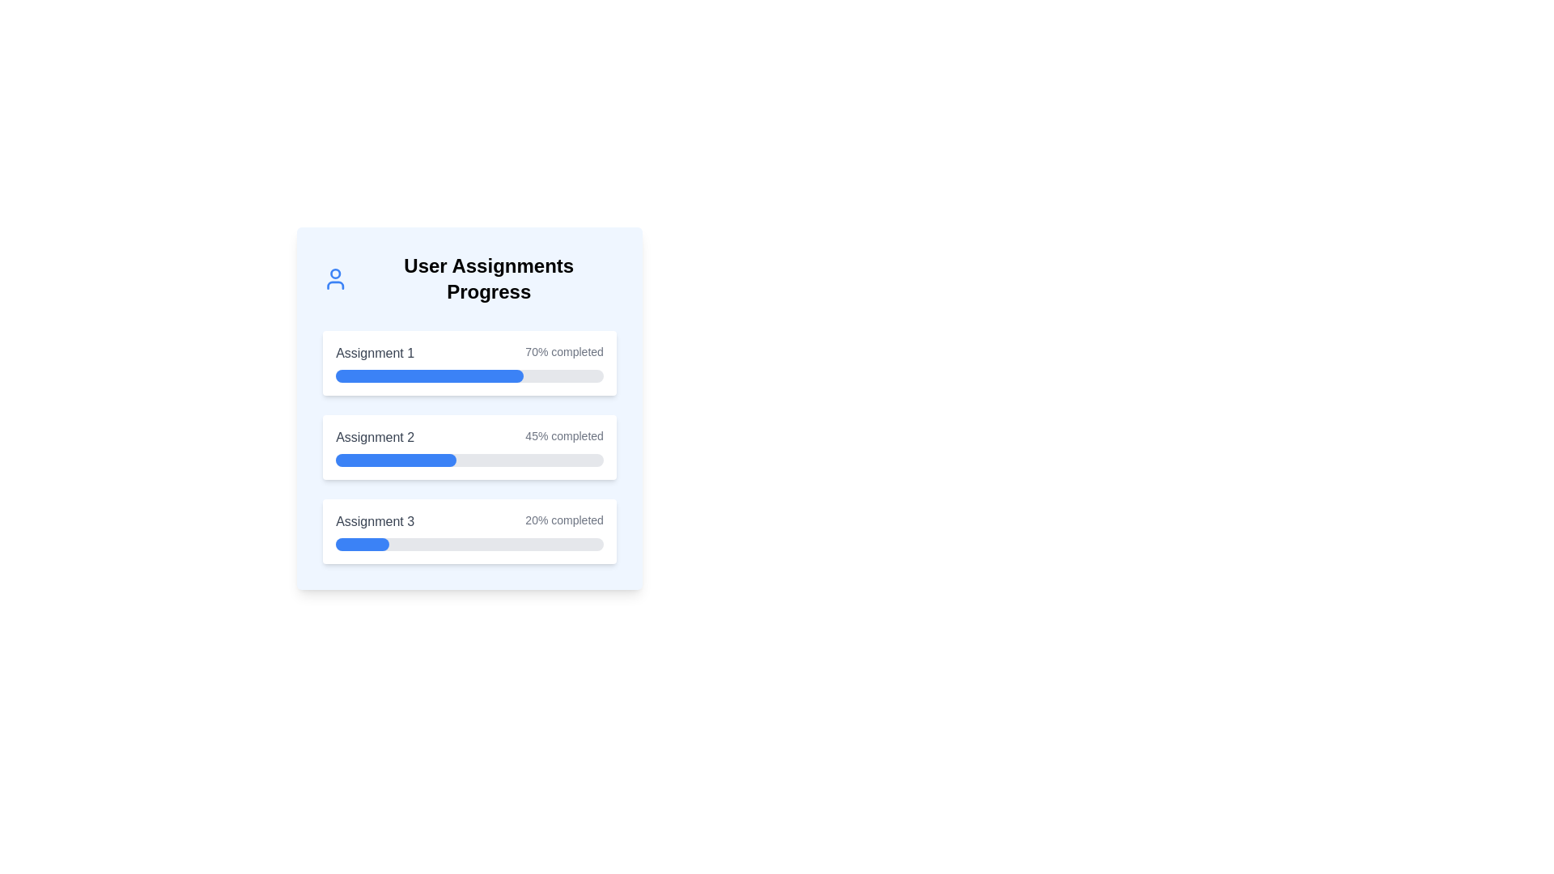 Image resolution: width=1554 pixels, height=874 pixels. What do you see at coordinates (374, 437) in the screenshot?
I see `the text label that identifies the assignment within the middle assignment block of 'User Assignments Progress', located to the left of the '45% completed' progress indication` at bounding box center [374, 437].